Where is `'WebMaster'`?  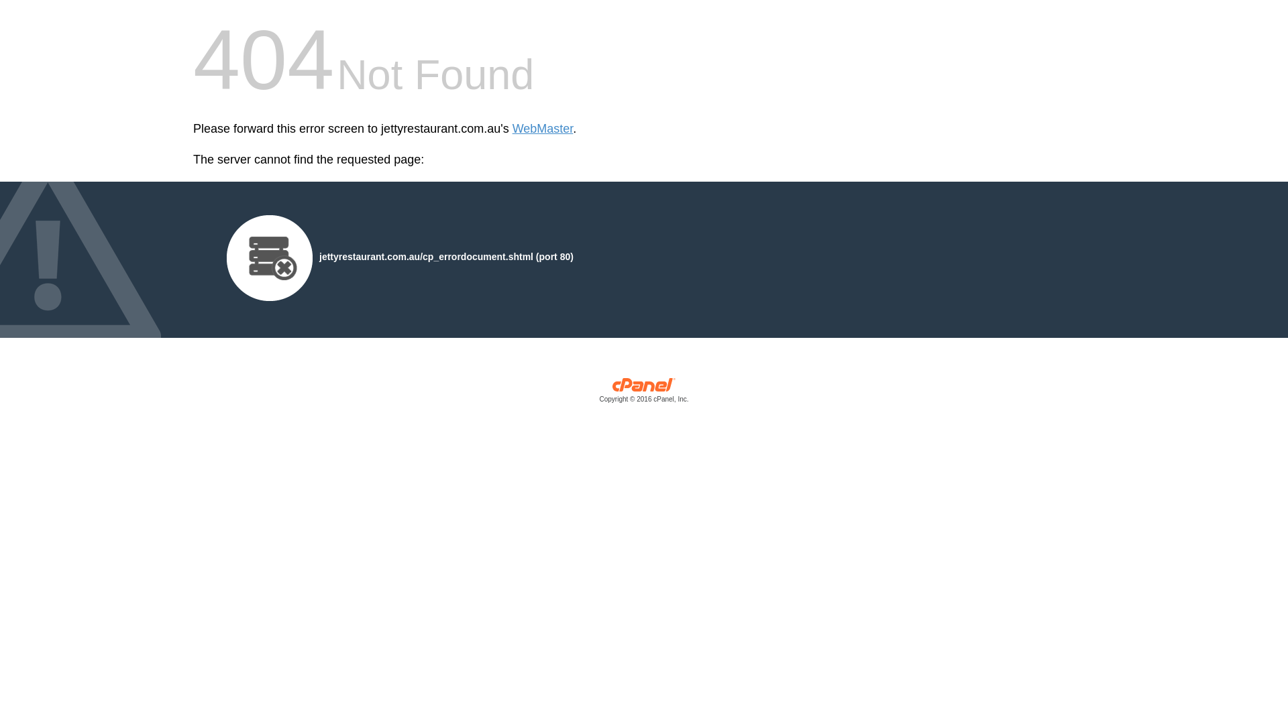 'WebMaster' is located at coordinates (543, 129).